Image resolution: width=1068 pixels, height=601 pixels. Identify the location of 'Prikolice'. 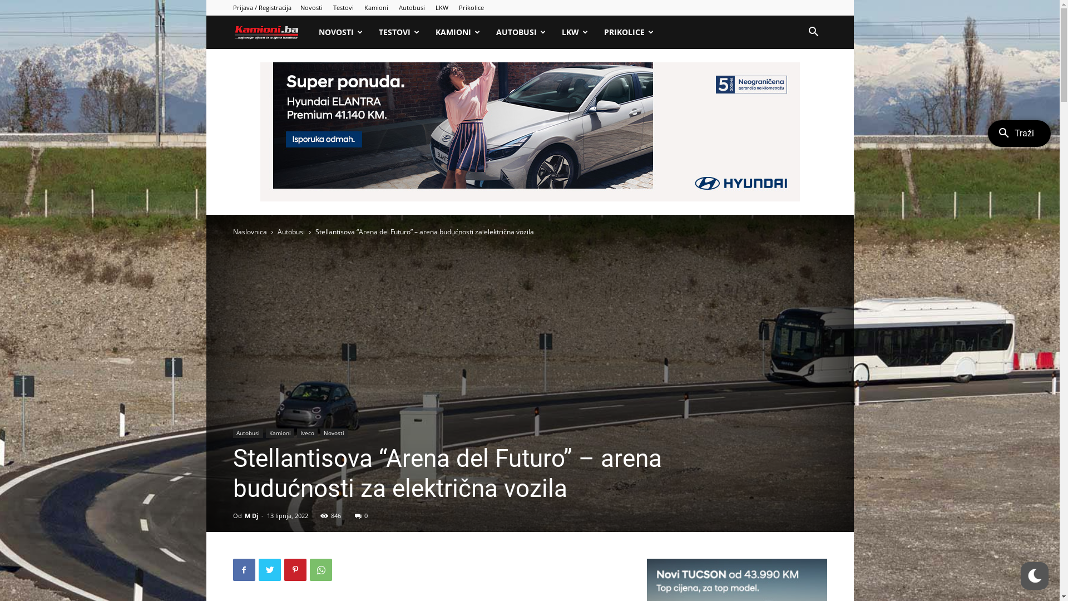
(471, 7).